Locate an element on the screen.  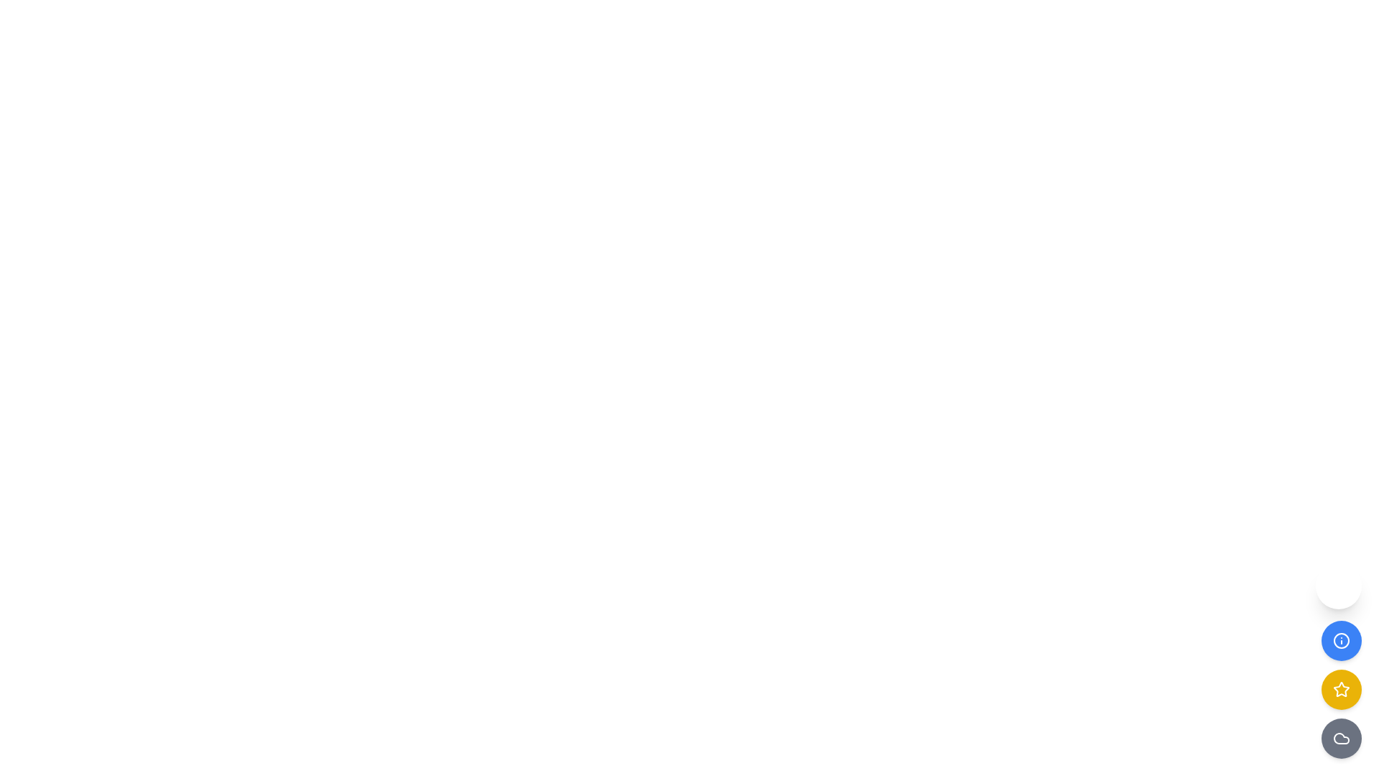
the circular button with a star icon, the second button in the vertical stack of three at the bottom-right corner of the interface is located at coordinates (1340, 689).